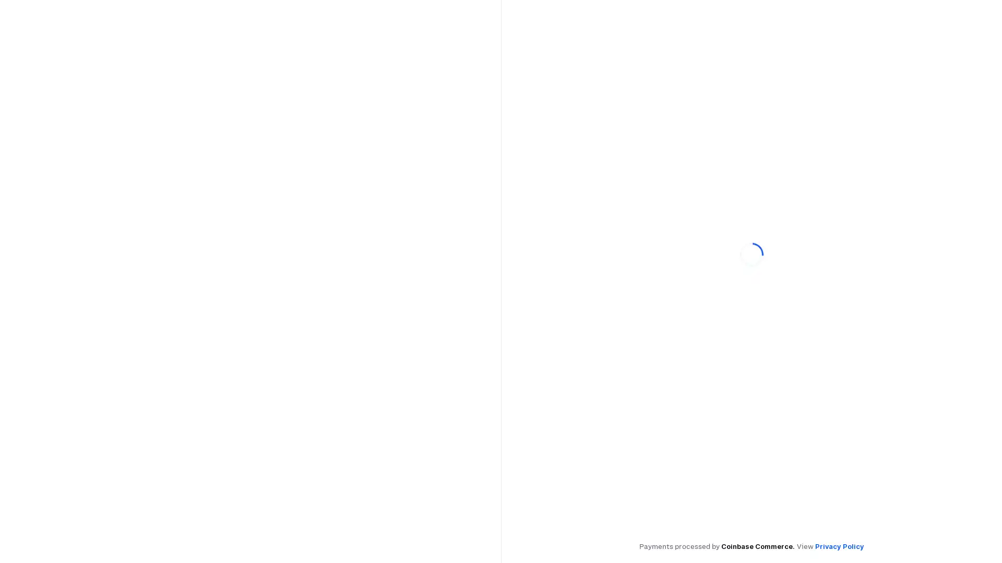 The image size is (1002, 563). I want to click on Litecoin Litecoin LTC, so click(920, 252).